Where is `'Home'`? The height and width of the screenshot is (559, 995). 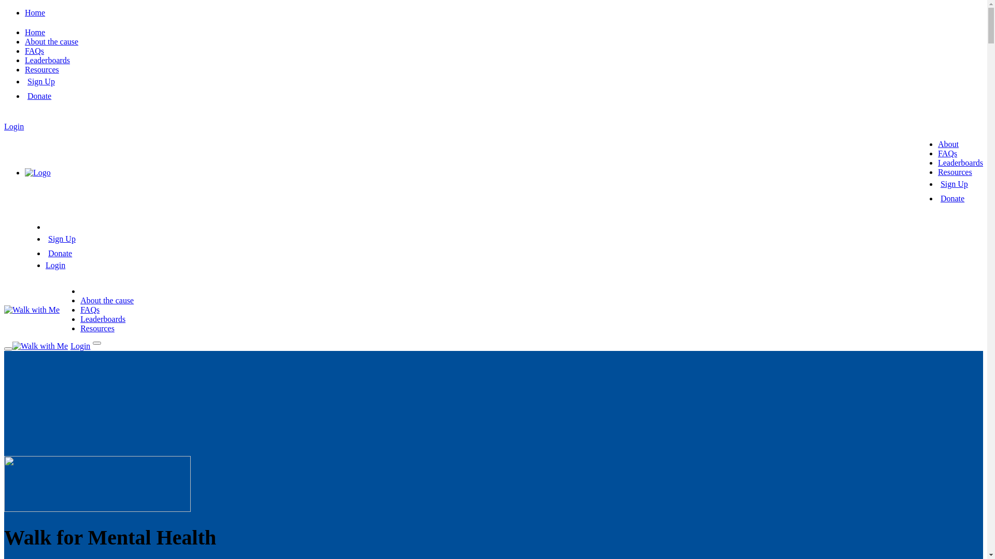
'Home' is located at coordinates (35, 12).